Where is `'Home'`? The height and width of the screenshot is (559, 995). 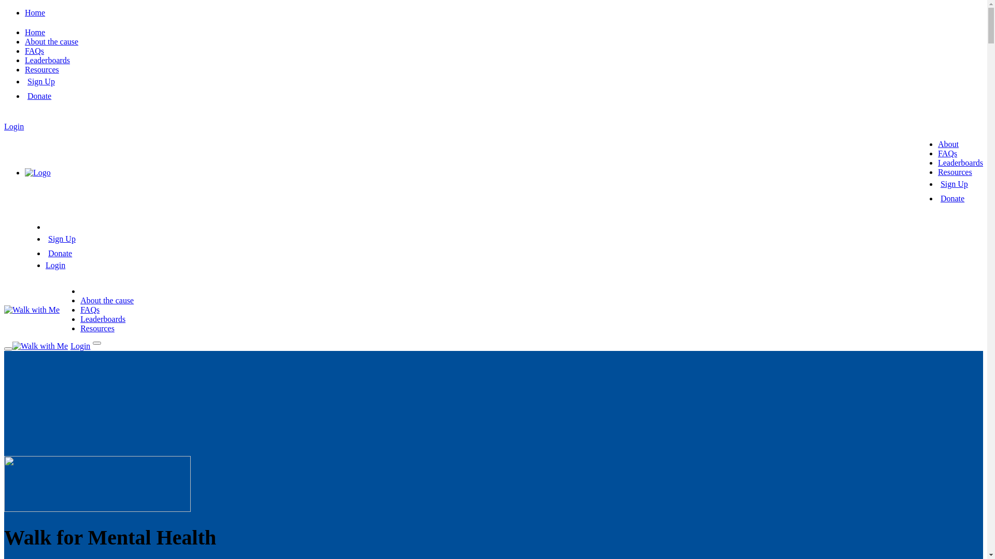
'Home' is located at coordinates (35, 12).